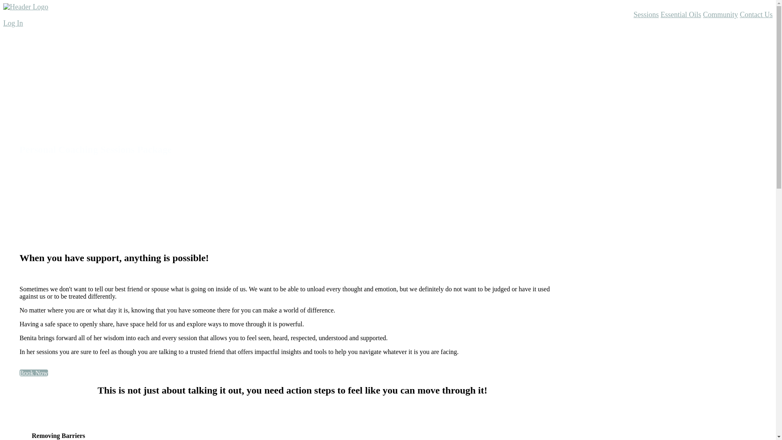 This screenshot has width=782, height=440. What do you see at coordinates (645, 14) in the screenshot?
I see `'Sessions'` at bounding box center [645, 14].